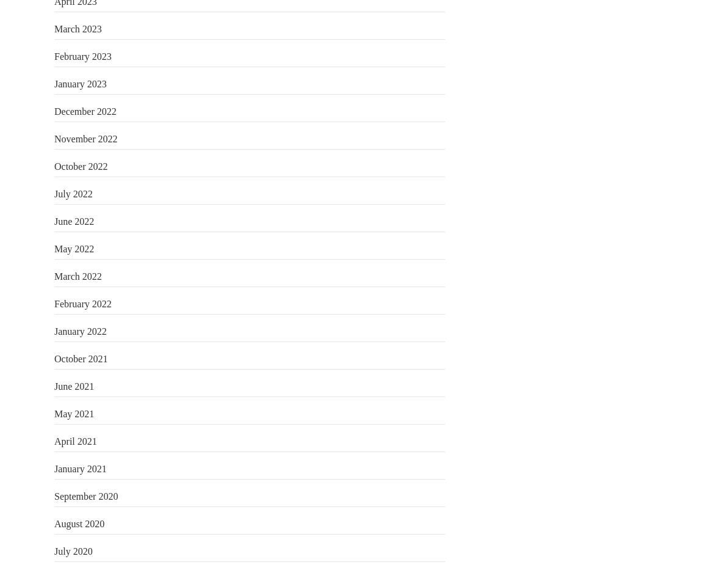 The width and height of the screenshot is (707, 570). I want to click on 'April 2021', so click(74, 440).